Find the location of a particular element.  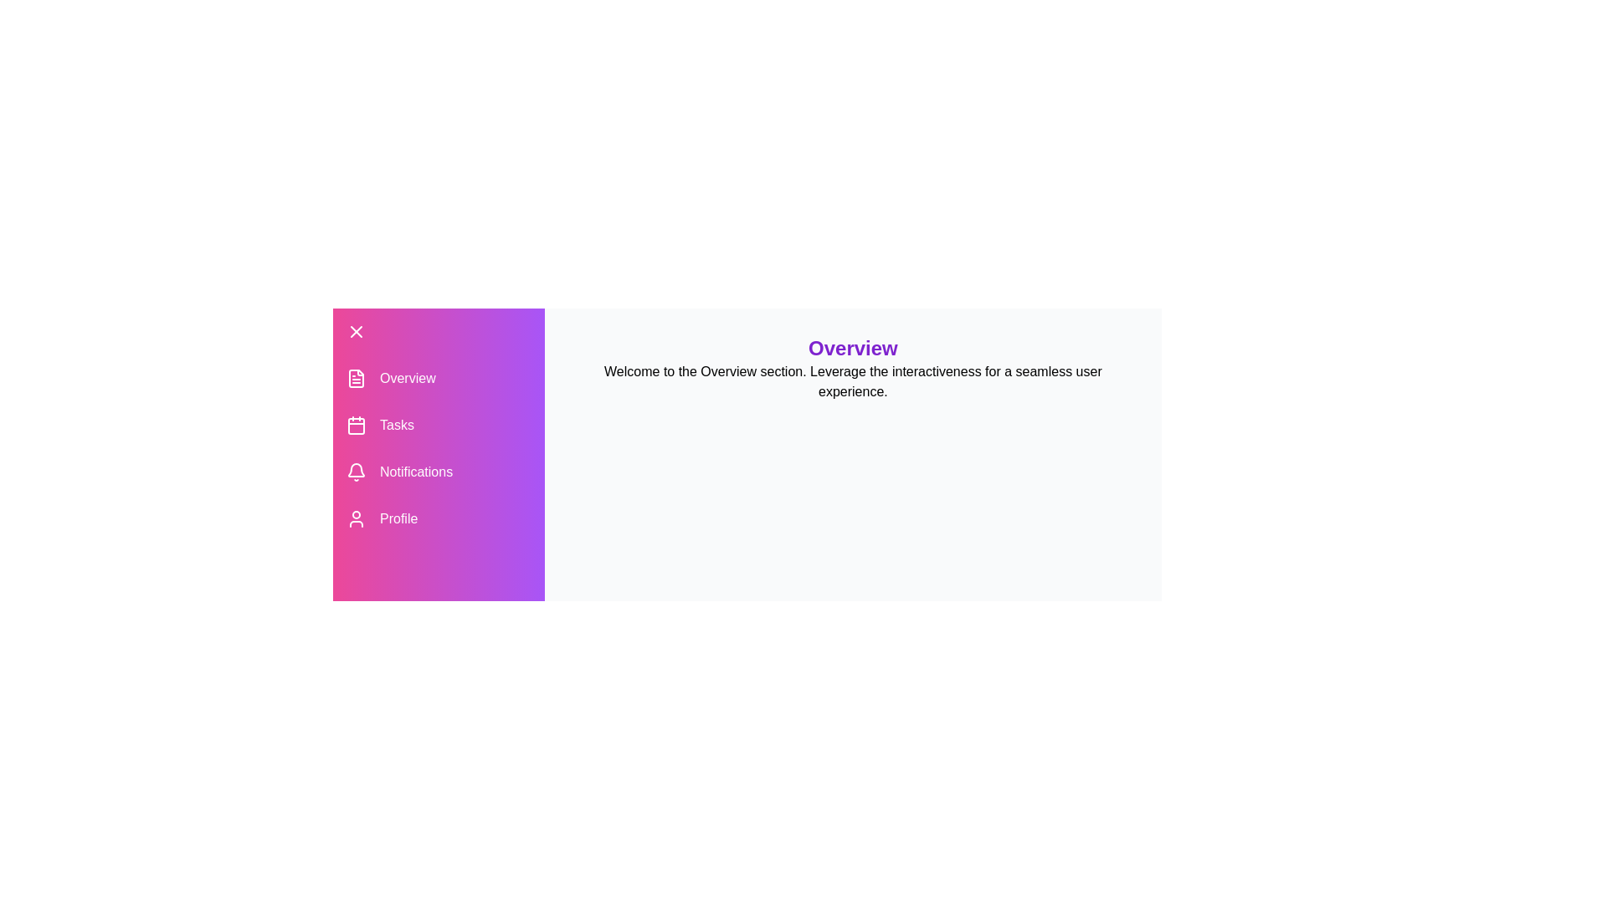

the Notifications section in the drawer is located at coordinates (438, 472).